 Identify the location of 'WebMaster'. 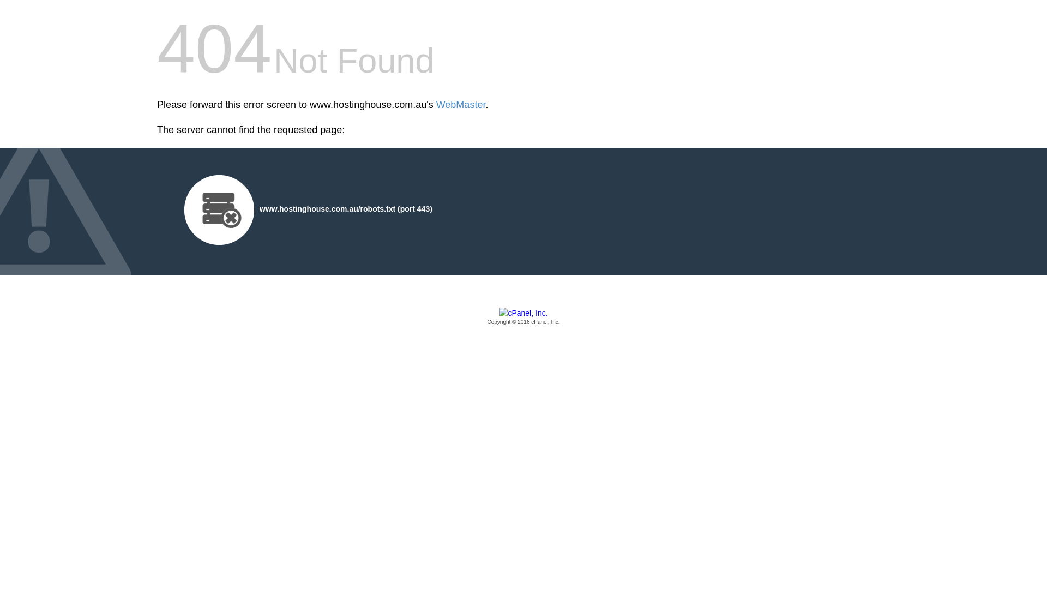
(461, 105).